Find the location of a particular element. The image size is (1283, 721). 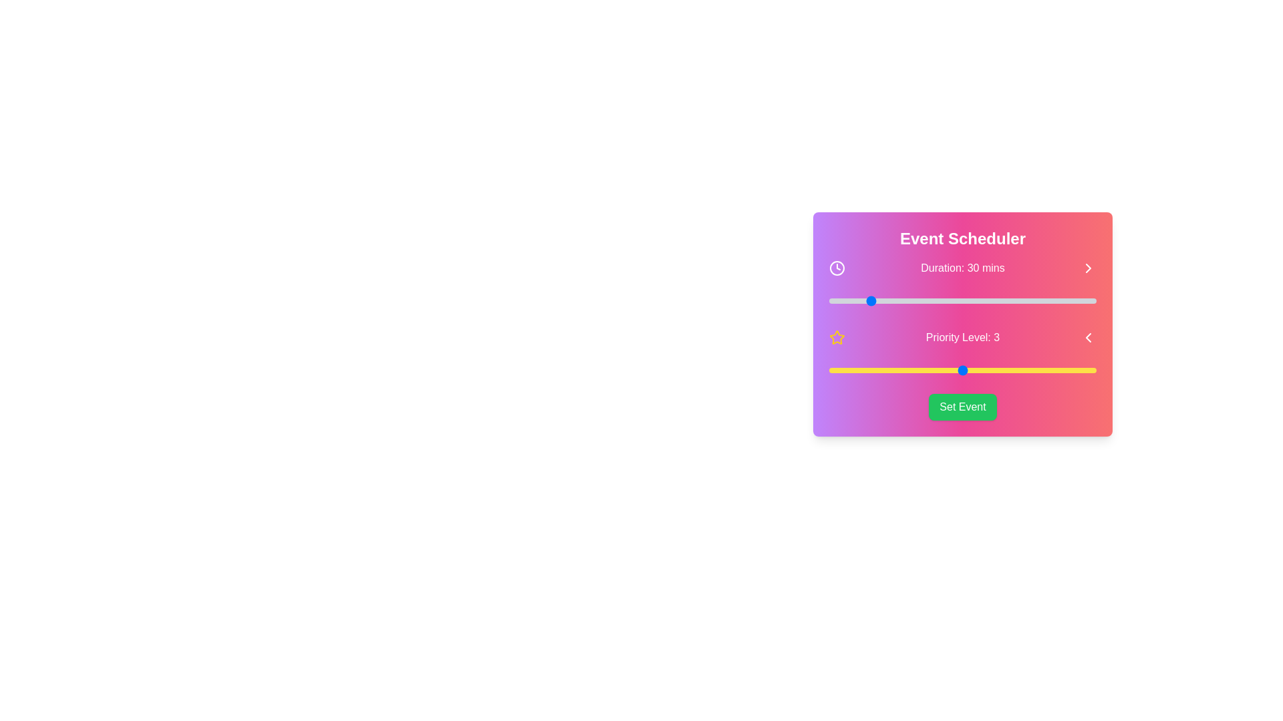

the clock icon, which is styled in white against a colored background, located to the left of the 'Duration: 30 mins' text in the 'Event Scheduler' section is located at coordinates (836, 268).